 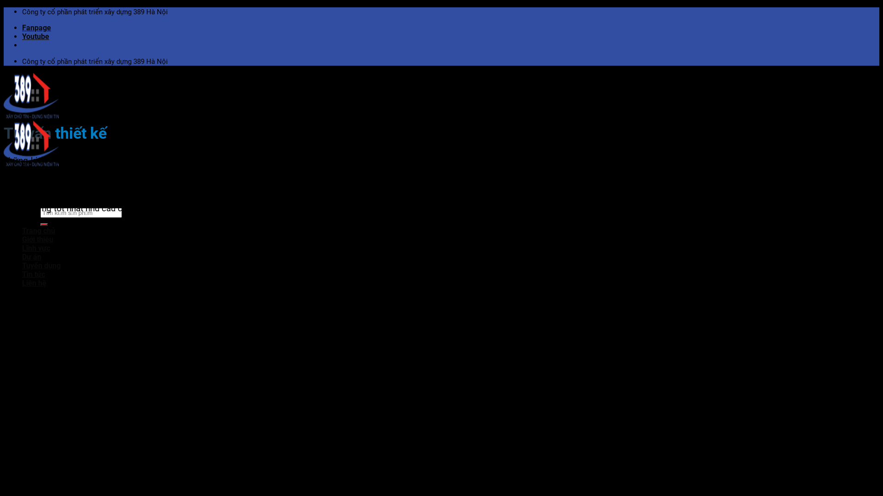 I want to click on 'Skip to content', so click(x=3, y=7).